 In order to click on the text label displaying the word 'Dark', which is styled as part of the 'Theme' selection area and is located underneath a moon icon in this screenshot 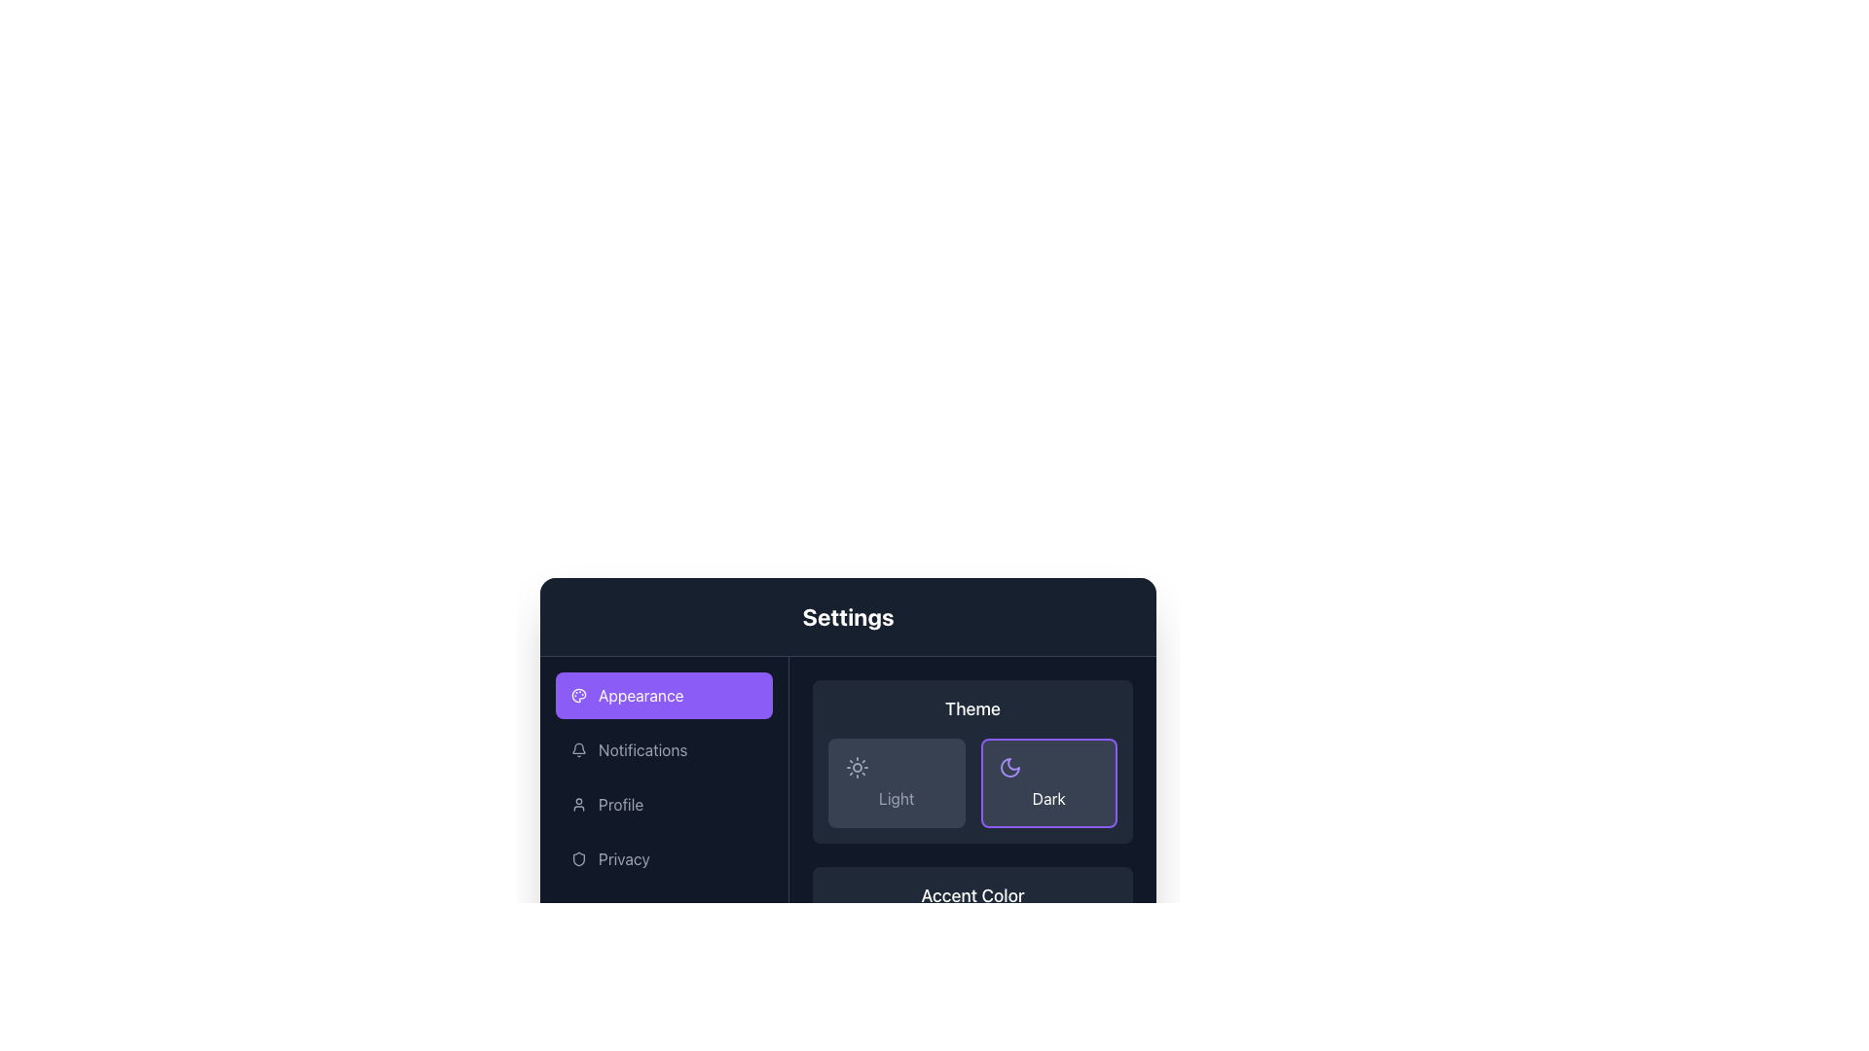, I will do `click(1047, 799)`.